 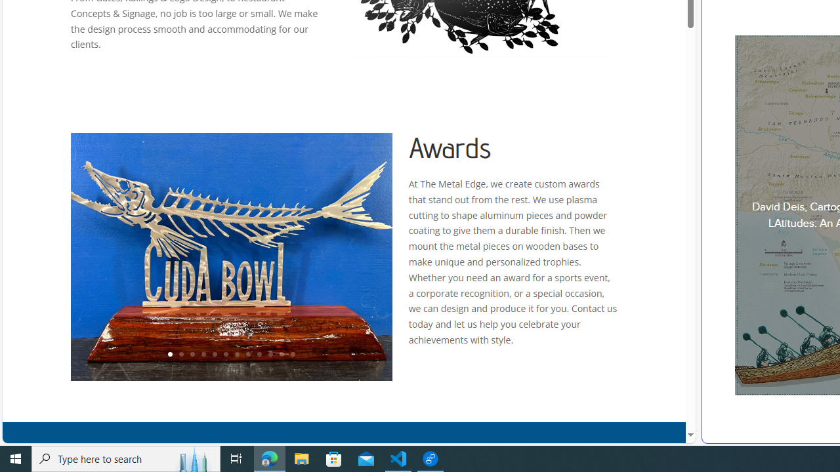 I want to click on '4', so click(x=202, y=355).